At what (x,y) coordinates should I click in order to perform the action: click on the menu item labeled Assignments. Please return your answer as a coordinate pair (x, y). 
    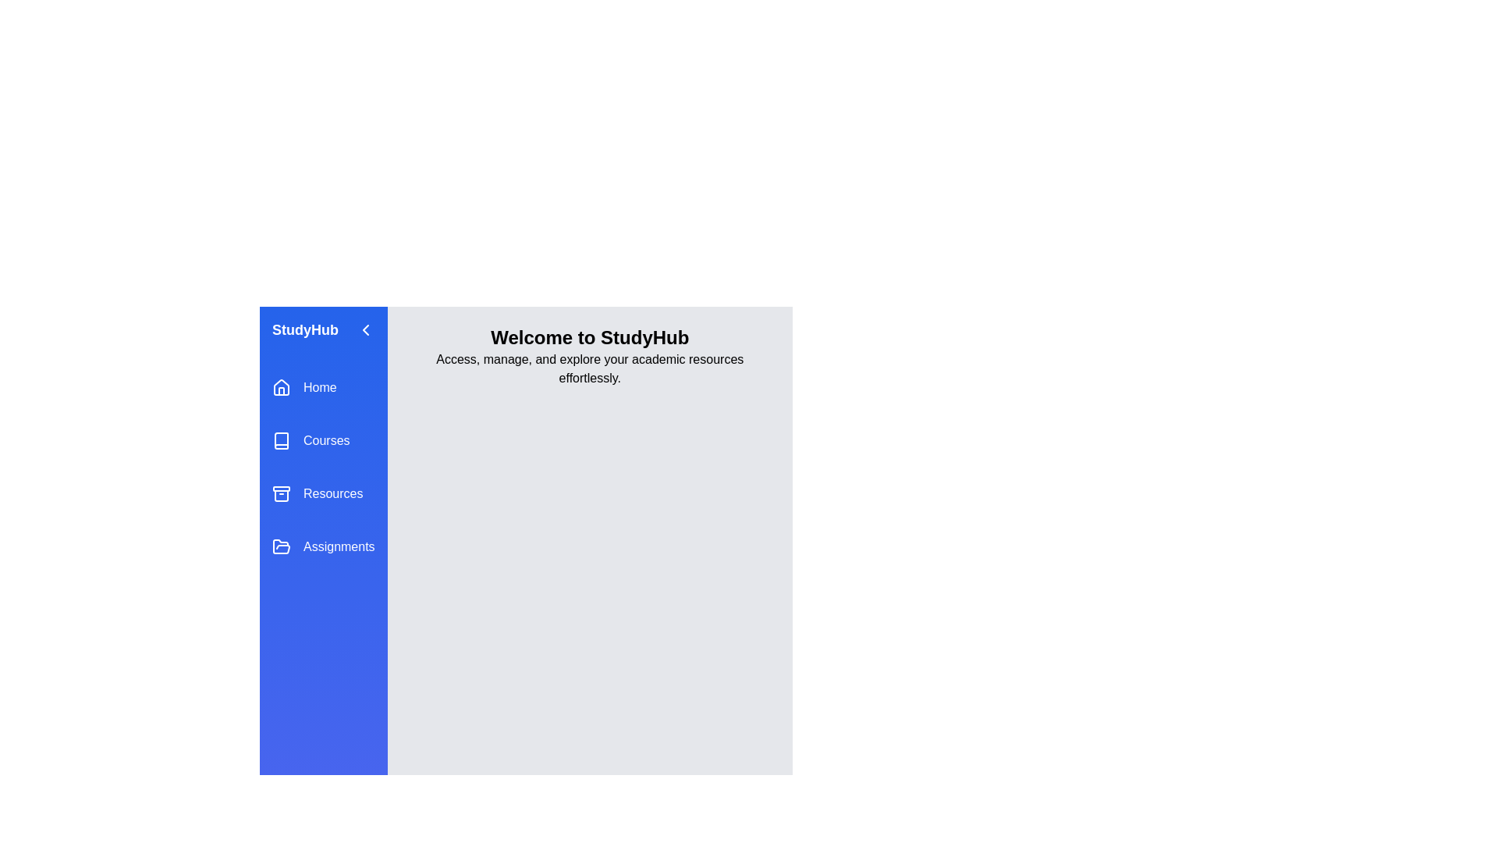
    Looking at the image, I should click on (322, 546).